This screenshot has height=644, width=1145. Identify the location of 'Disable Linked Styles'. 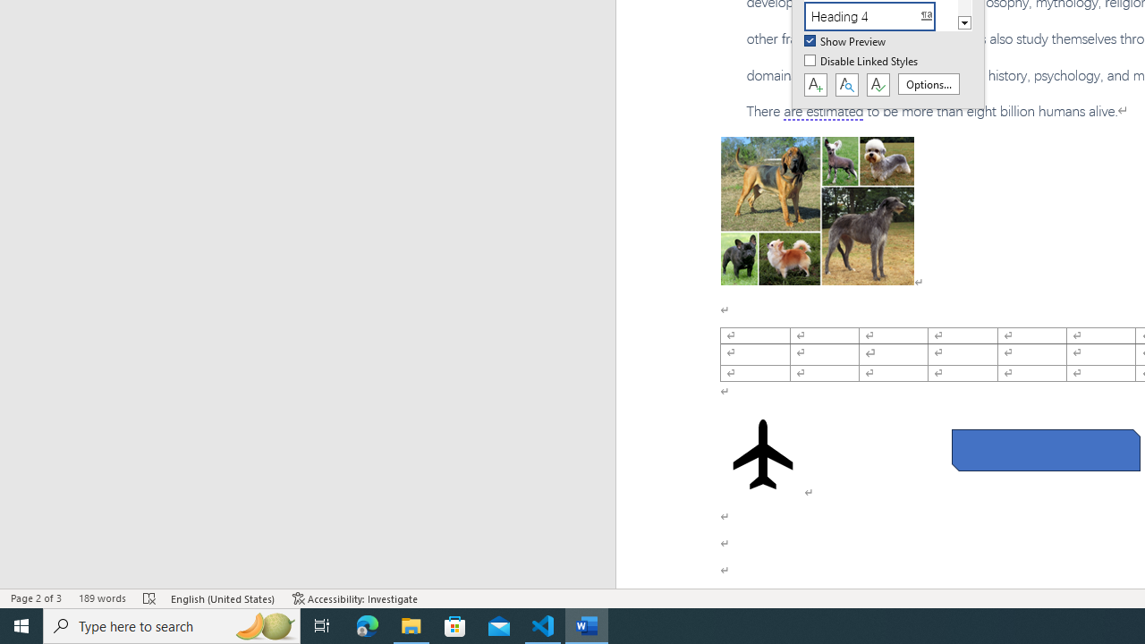
(862, 61).